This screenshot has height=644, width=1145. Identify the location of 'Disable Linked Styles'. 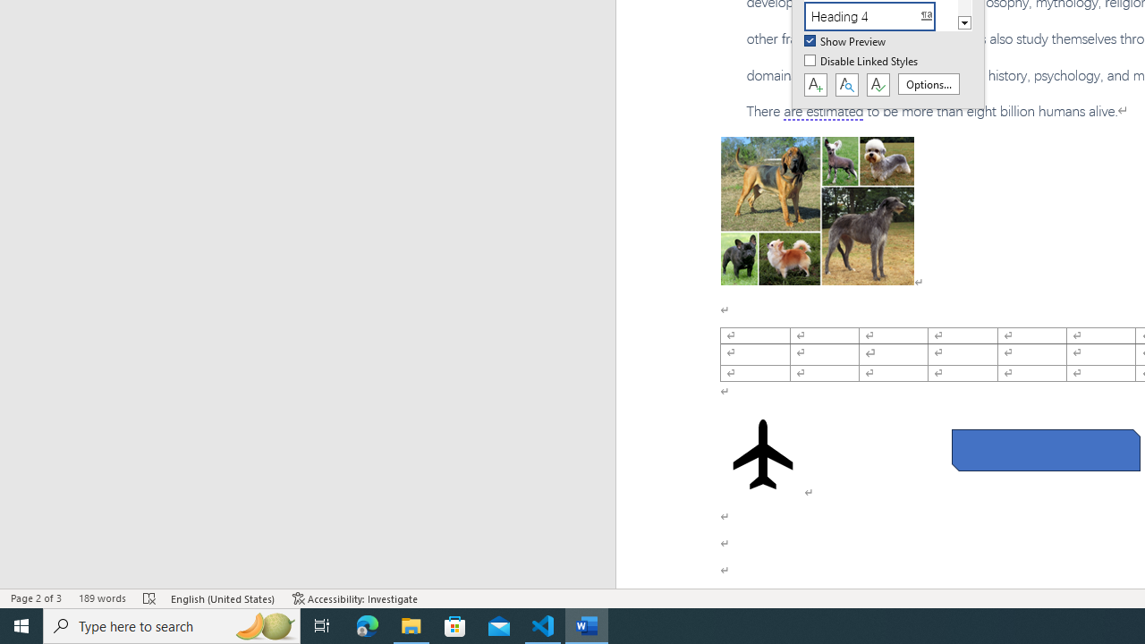
(862, 61).